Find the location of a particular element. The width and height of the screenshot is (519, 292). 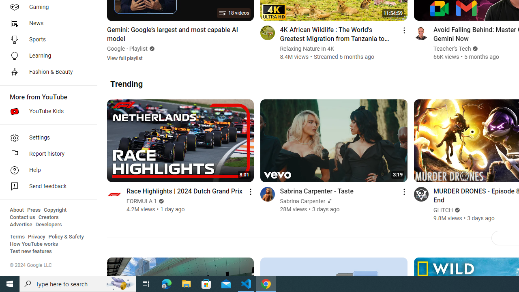

'Policy & Safety' is located at coordinates (66, 237).